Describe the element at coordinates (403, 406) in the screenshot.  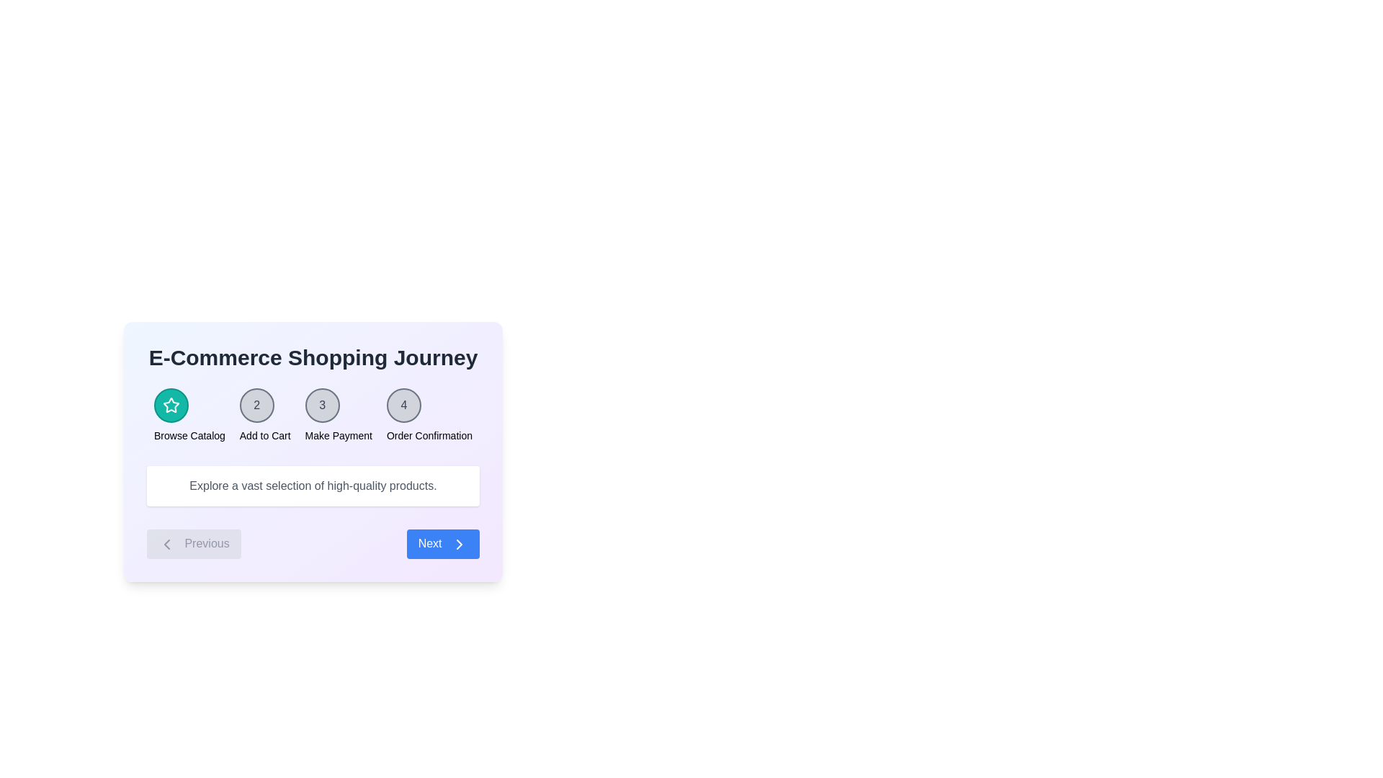
I see `the fourth step indicator button labeled 'Order Confirmation', which is positioned on the far-right end of a horizontally arranged sequence of buttons` at that location.